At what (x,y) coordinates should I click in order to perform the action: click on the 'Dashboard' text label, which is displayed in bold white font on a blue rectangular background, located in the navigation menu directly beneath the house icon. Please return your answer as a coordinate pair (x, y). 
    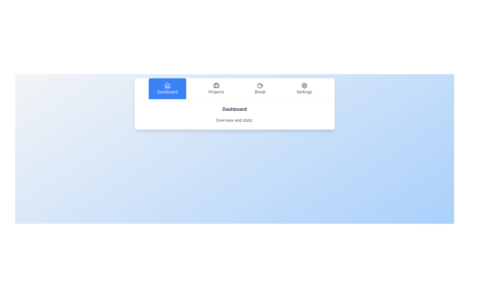
    Looking at the image, I should click on (167, 92).